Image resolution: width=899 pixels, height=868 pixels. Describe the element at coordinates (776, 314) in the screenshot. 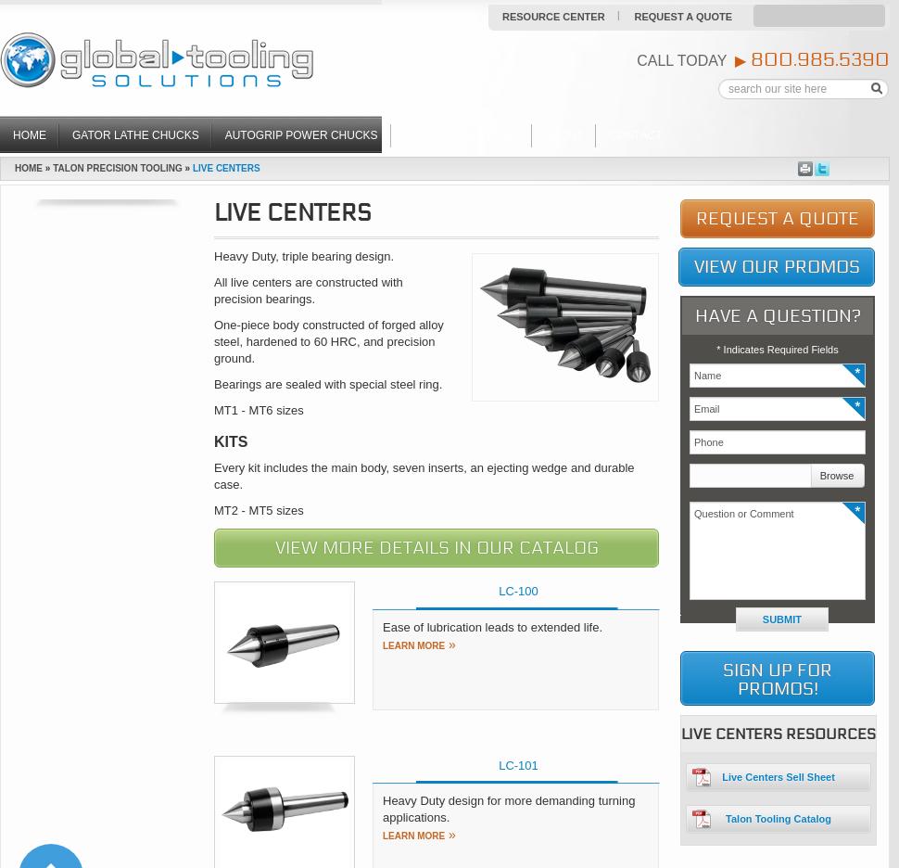

I see `'Have A Question?'` at that location.